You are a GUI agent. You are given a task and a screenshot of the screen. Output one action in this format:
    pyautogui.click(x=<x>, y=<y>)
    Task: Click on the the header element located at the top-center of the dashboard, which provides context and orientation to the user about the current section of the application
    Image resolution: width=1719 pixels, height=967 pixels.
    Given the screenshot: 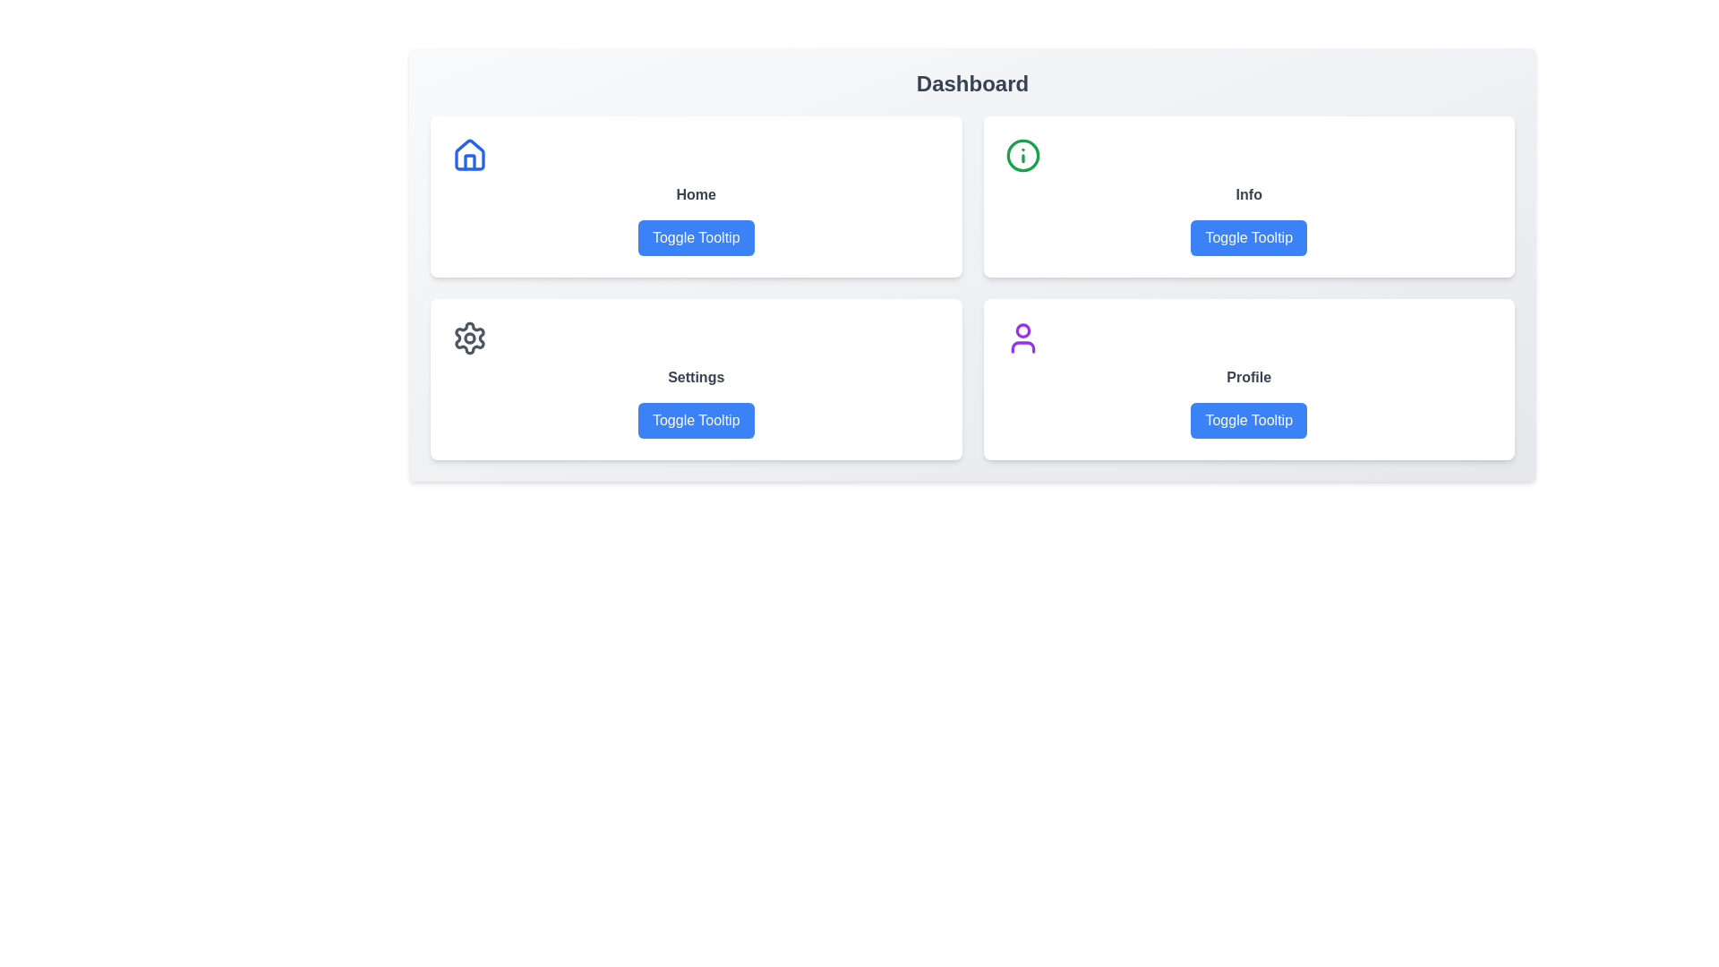 What is the action you would take?
    pyautogui.click(x=971, y=83)
    